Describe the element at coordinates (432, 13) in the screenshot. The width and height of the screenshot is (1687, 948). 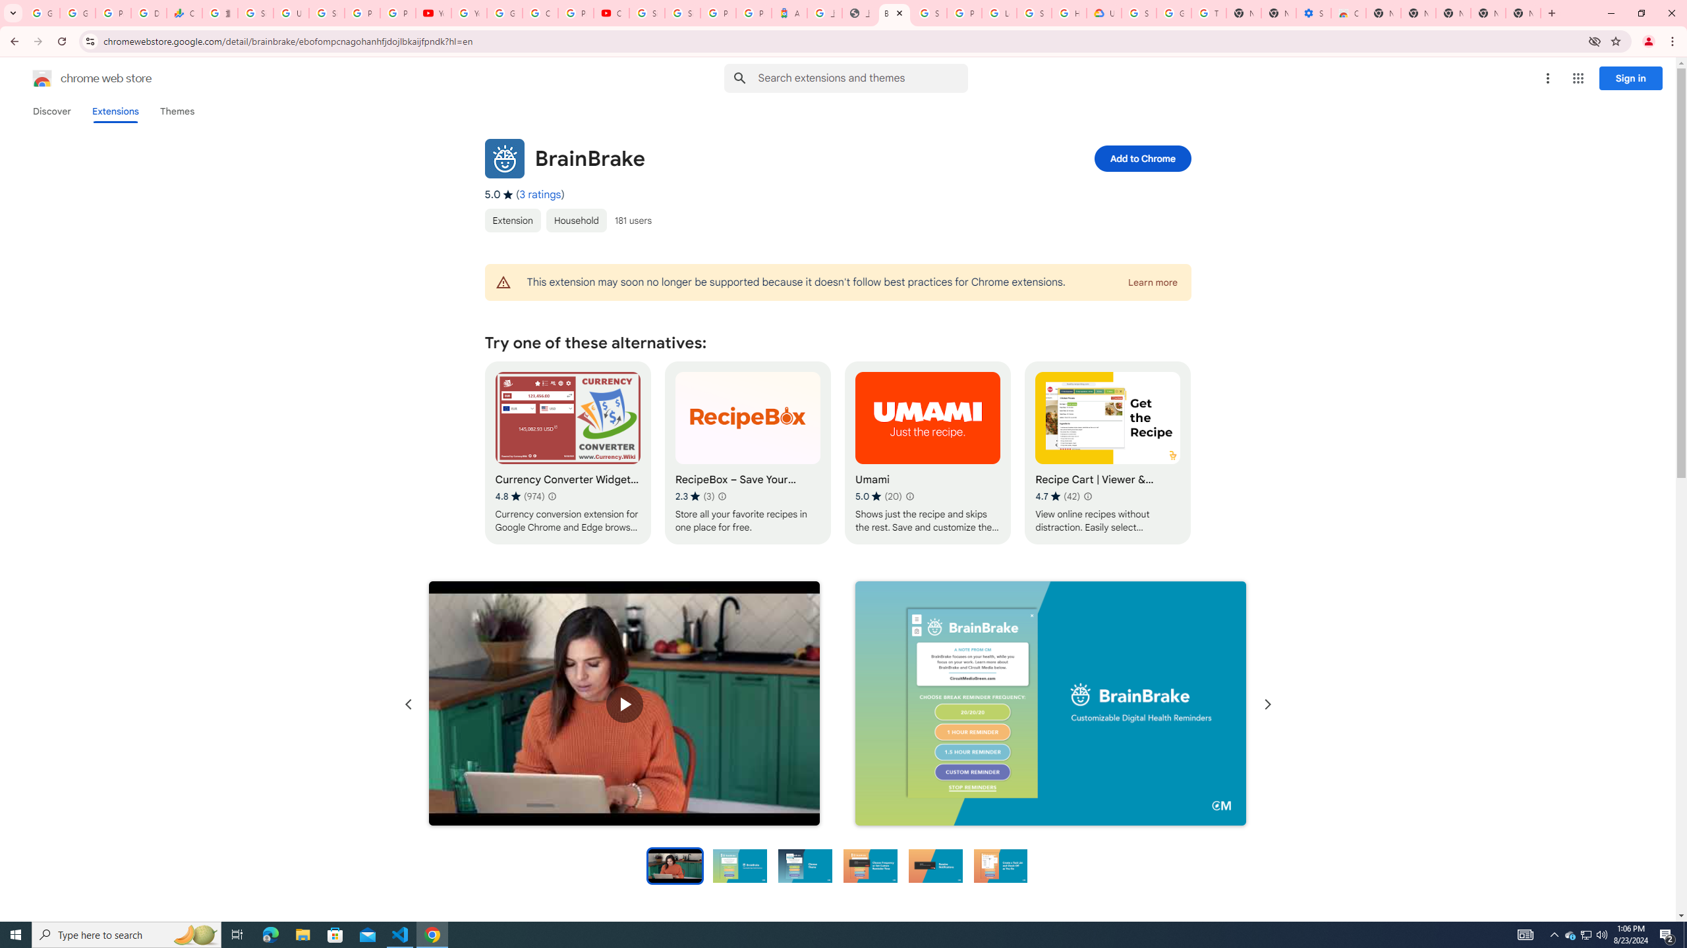
I see `'YouTube'` at that location.